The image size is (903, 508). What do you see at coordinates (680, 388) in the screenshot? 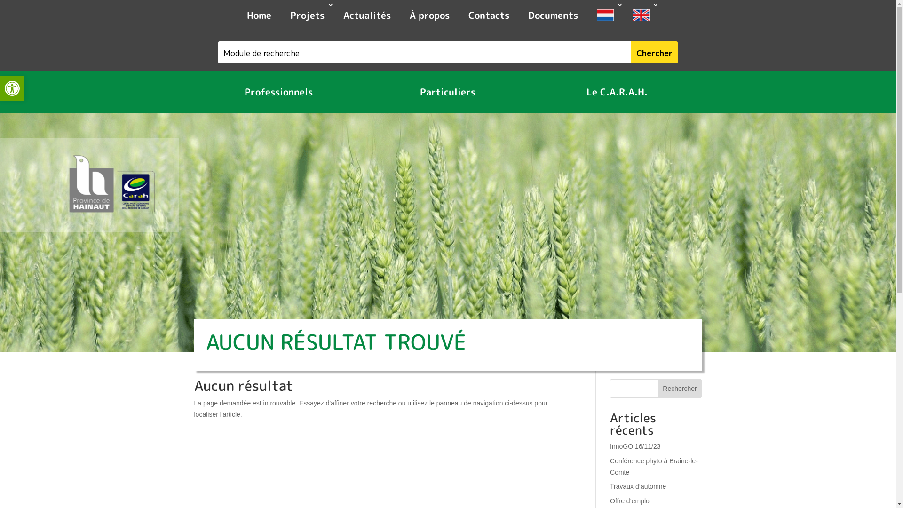
I see `'Rechercher'` at bounding box center [680, 388].